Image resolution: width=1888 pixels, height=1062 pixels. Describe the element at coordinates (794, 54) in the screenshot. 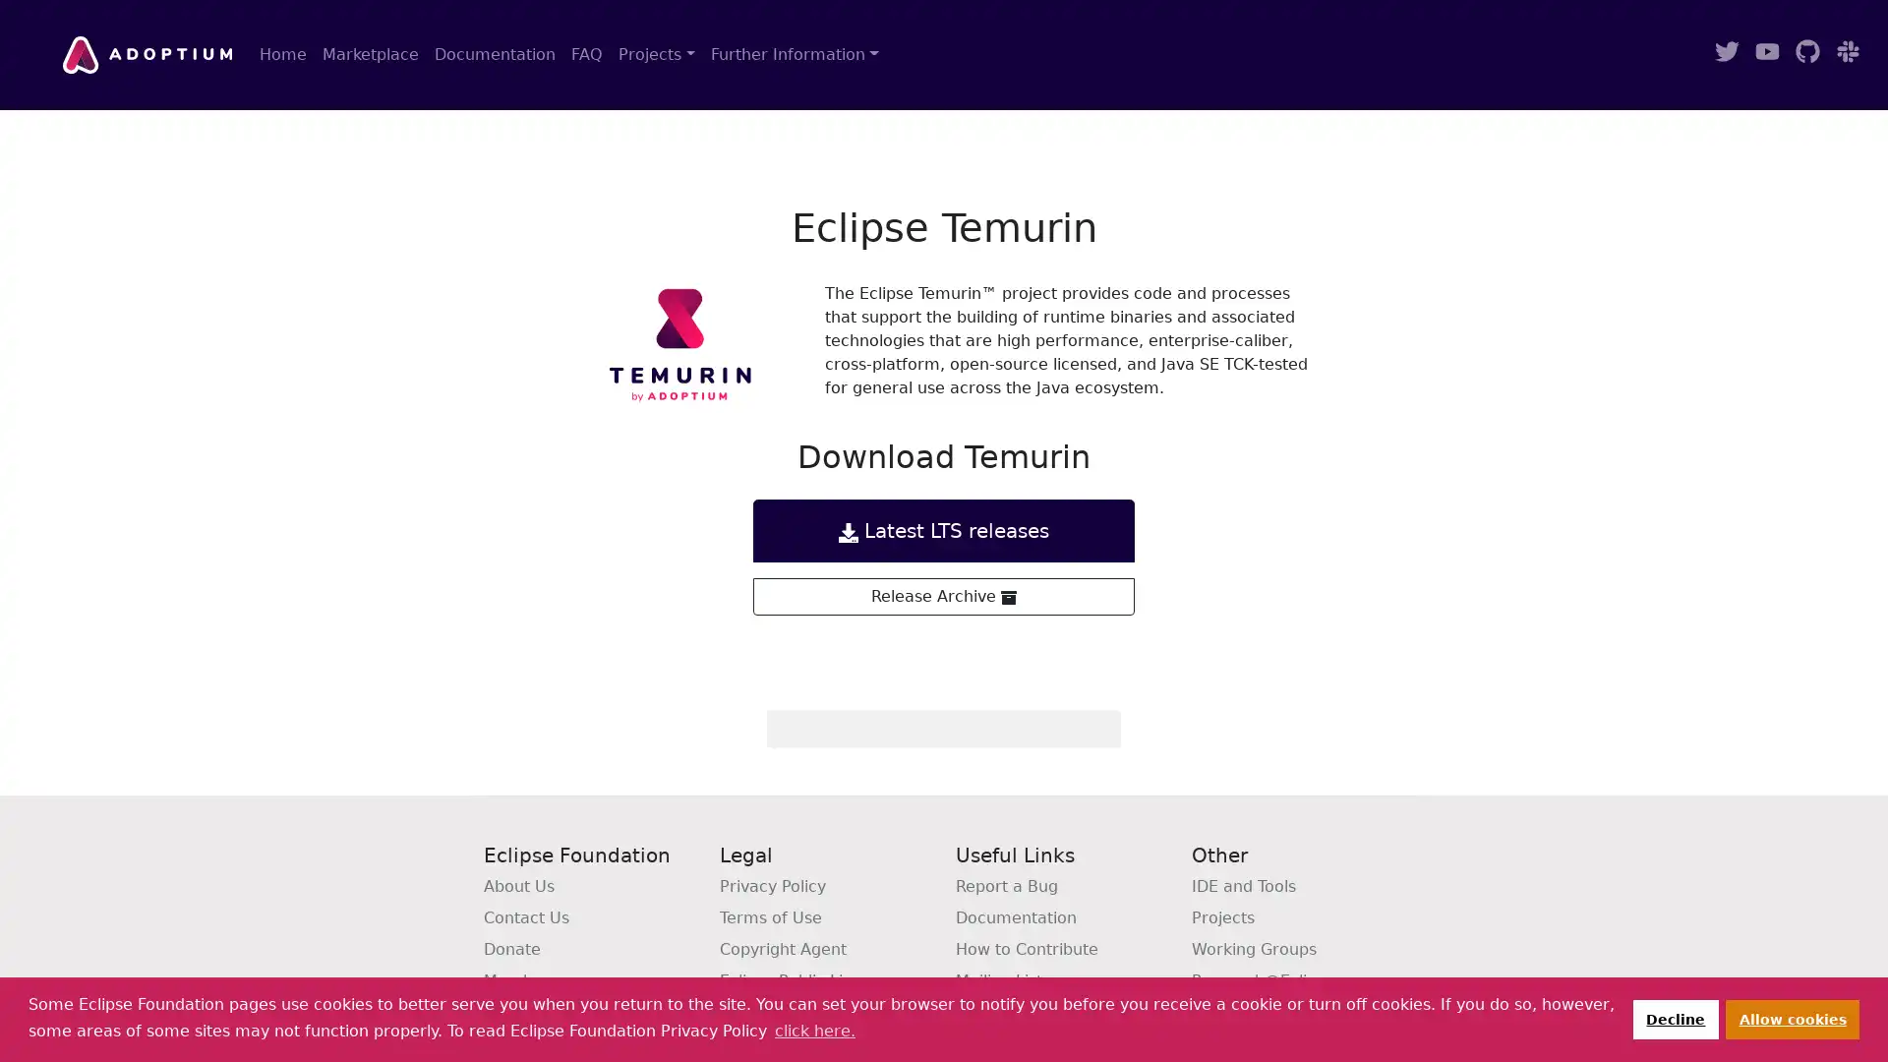

I see `Further Information` at that location.